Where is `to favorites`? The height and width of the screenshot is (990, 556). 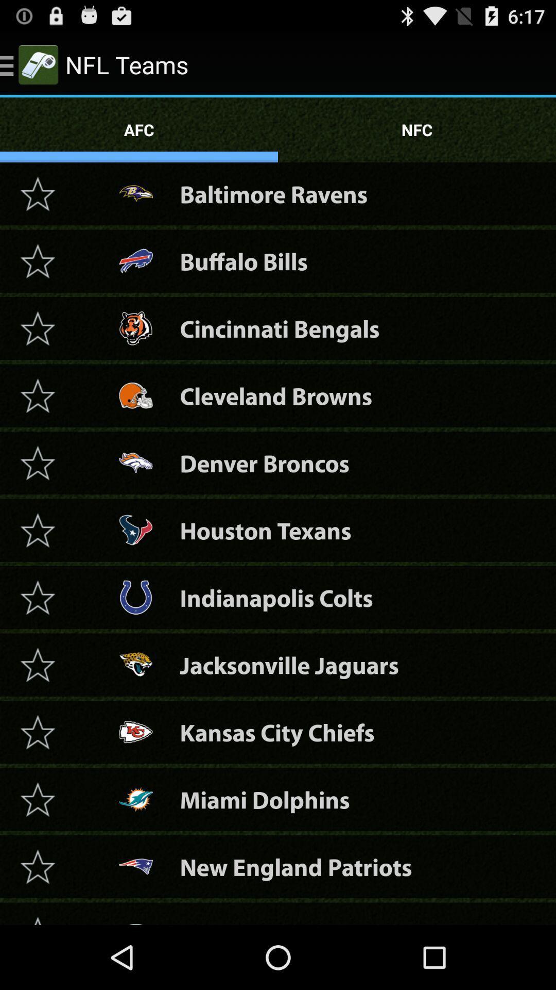 to favorites is located at coordinates (37, 530).